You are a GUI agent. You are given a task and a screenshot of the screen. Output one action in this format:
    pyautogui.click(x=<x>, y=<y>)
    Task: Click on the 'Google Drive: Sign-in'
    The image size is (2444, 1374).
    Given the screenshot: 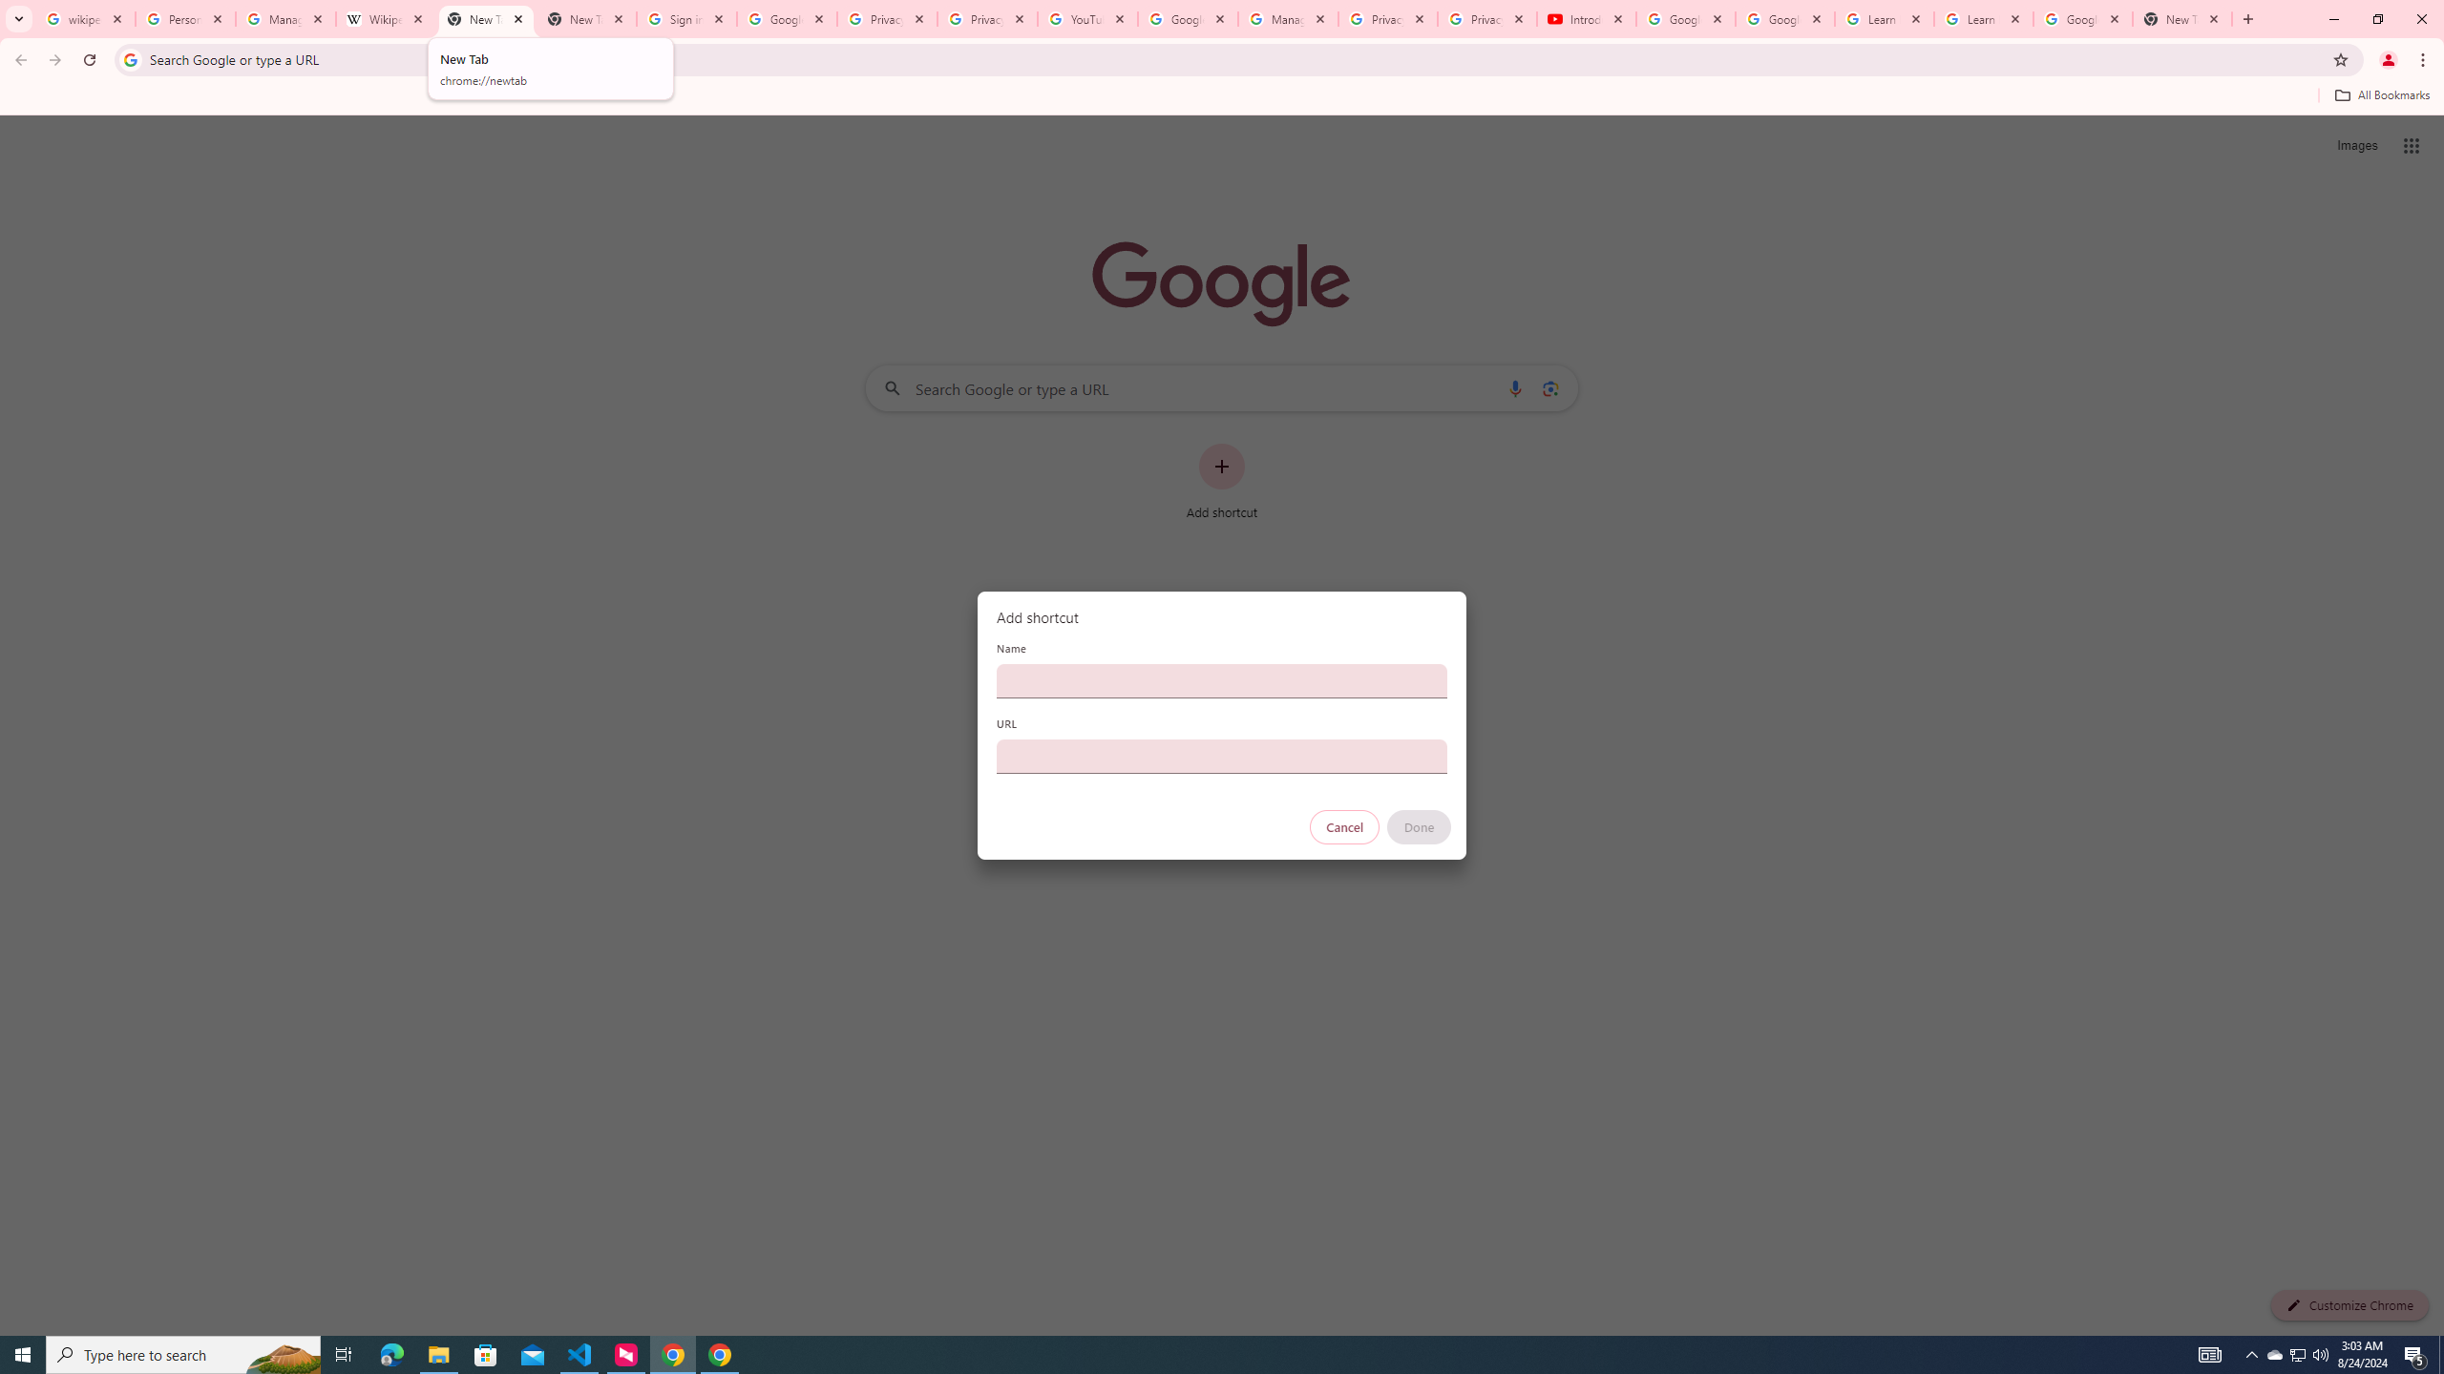 What is the action you would take?
    pyautogui.click(x=786, y=18)
    